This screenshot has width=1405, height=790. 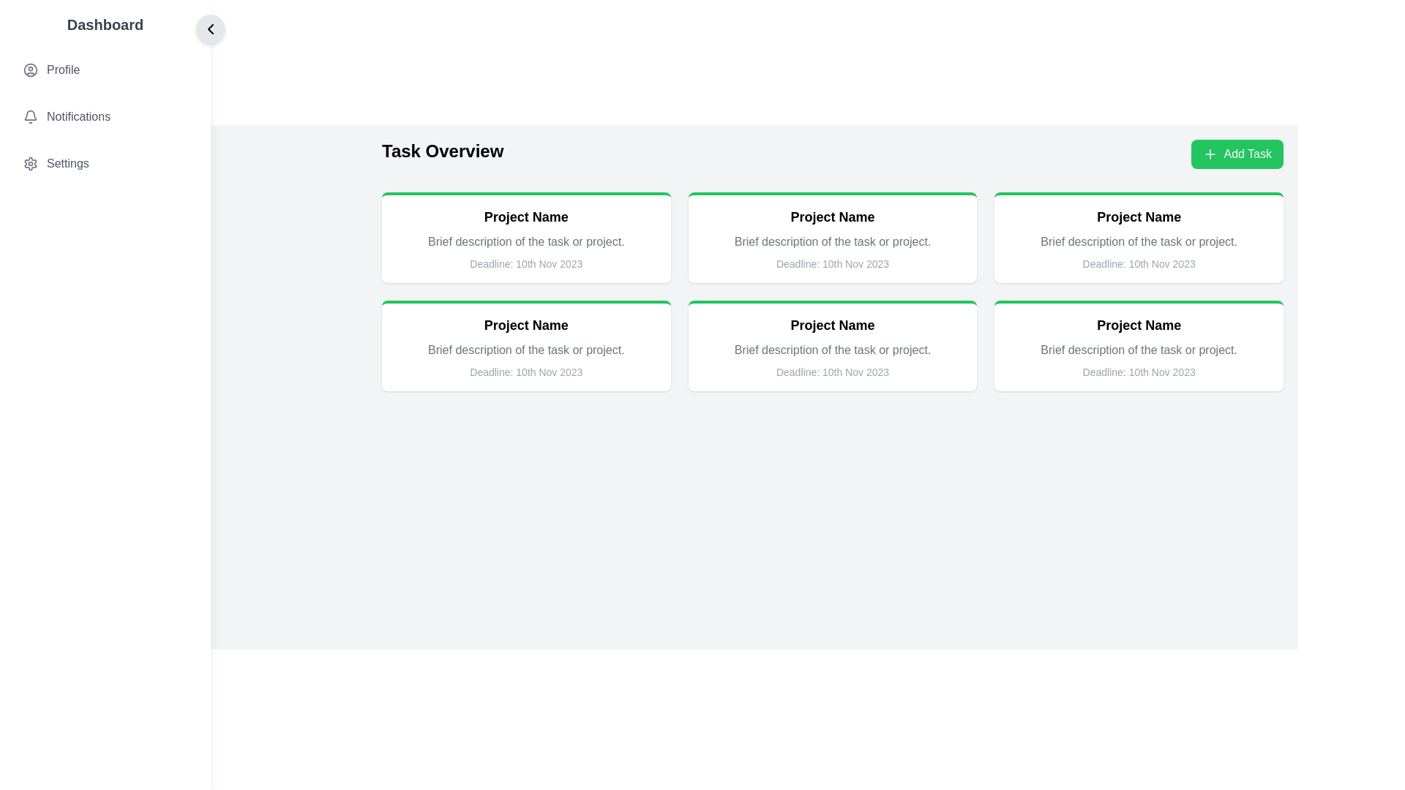 I want to click on title text element located at the top of the project card in the second row, first column of the grid layout, so click(x=526, y=324).